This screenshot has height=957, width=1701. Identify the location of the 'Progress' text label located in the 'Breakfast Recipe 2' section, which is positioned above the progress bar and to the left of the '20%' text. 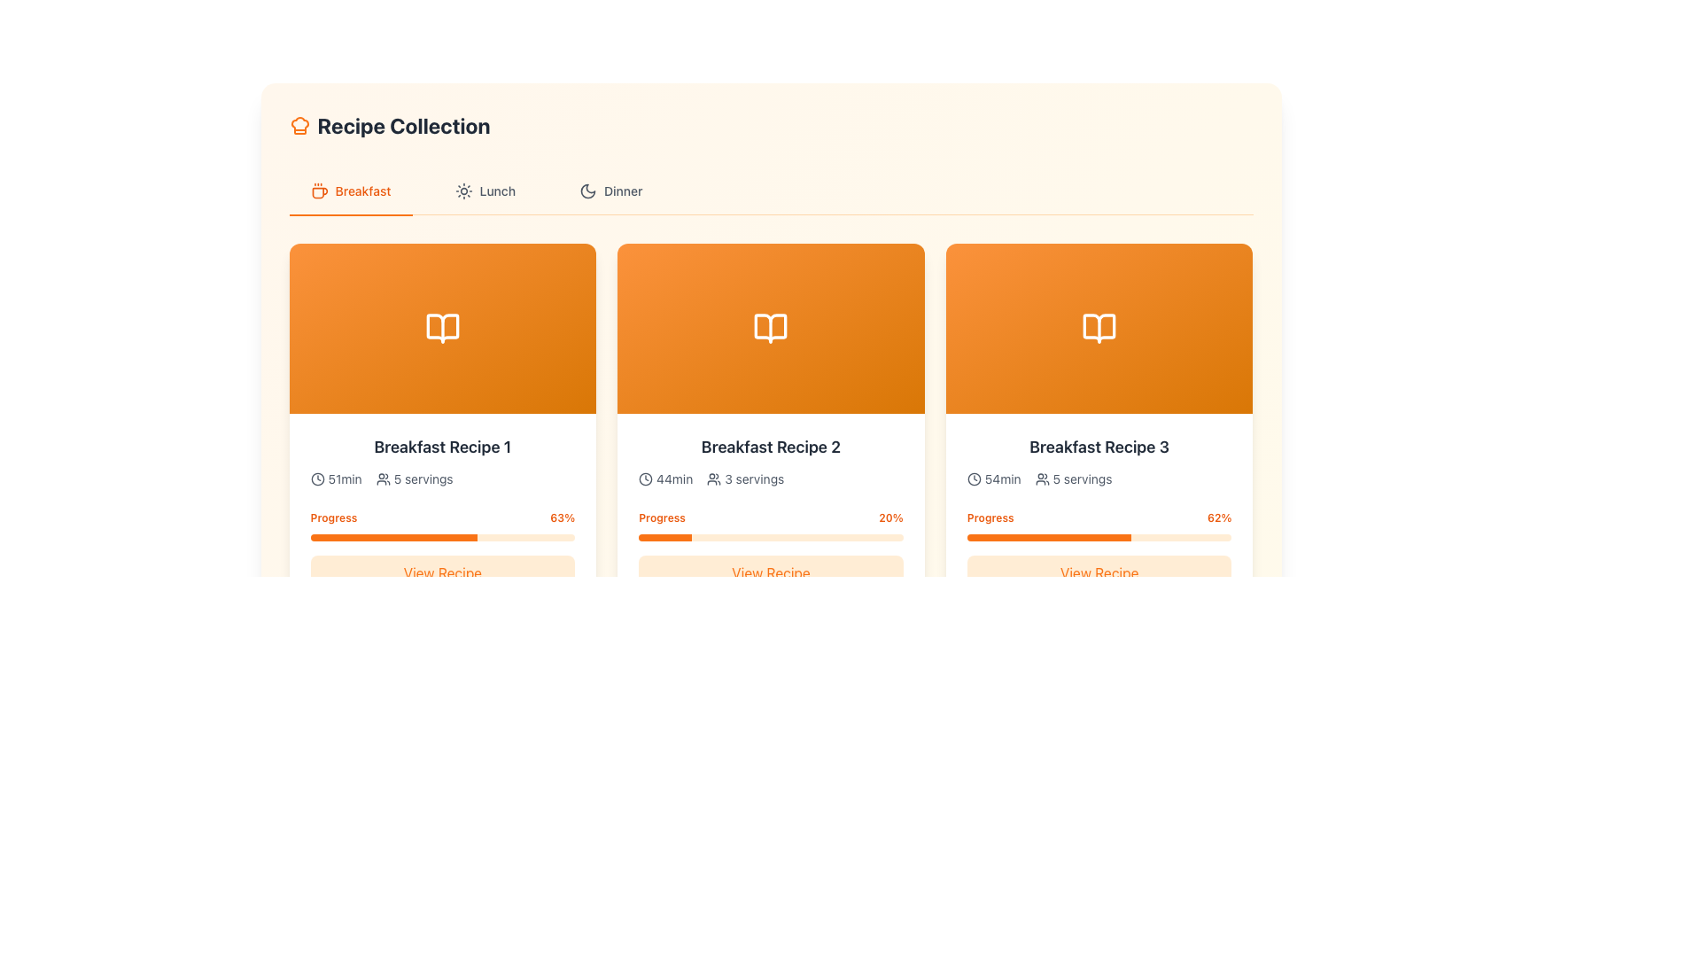
(661, 516).